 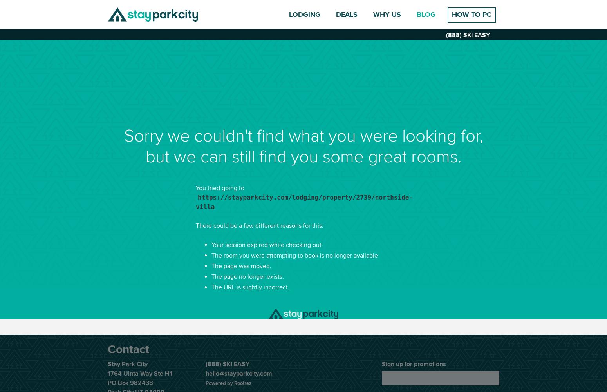 I want to click on 'Sign up for promotions', so click(x=414, y=364).